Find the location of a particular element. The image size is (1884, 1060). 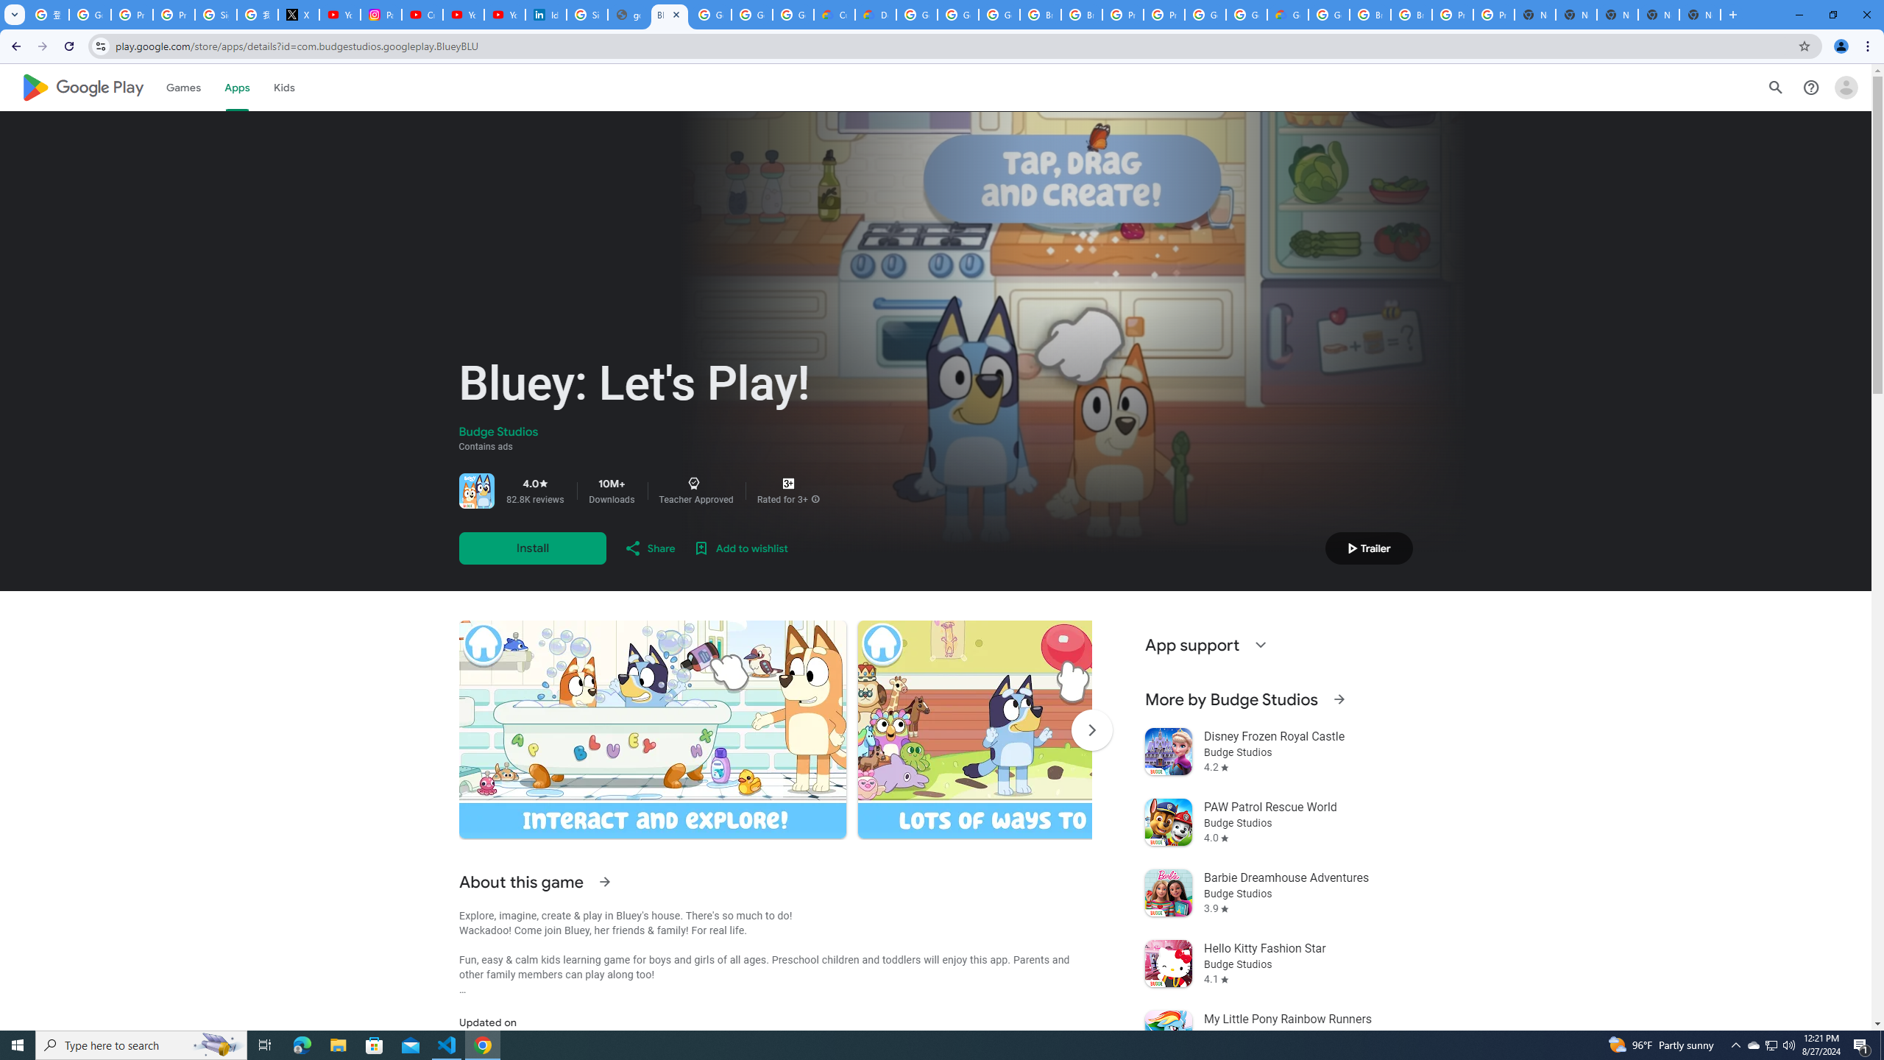

'Bluey: Let' is located at coordinates (669, 14).